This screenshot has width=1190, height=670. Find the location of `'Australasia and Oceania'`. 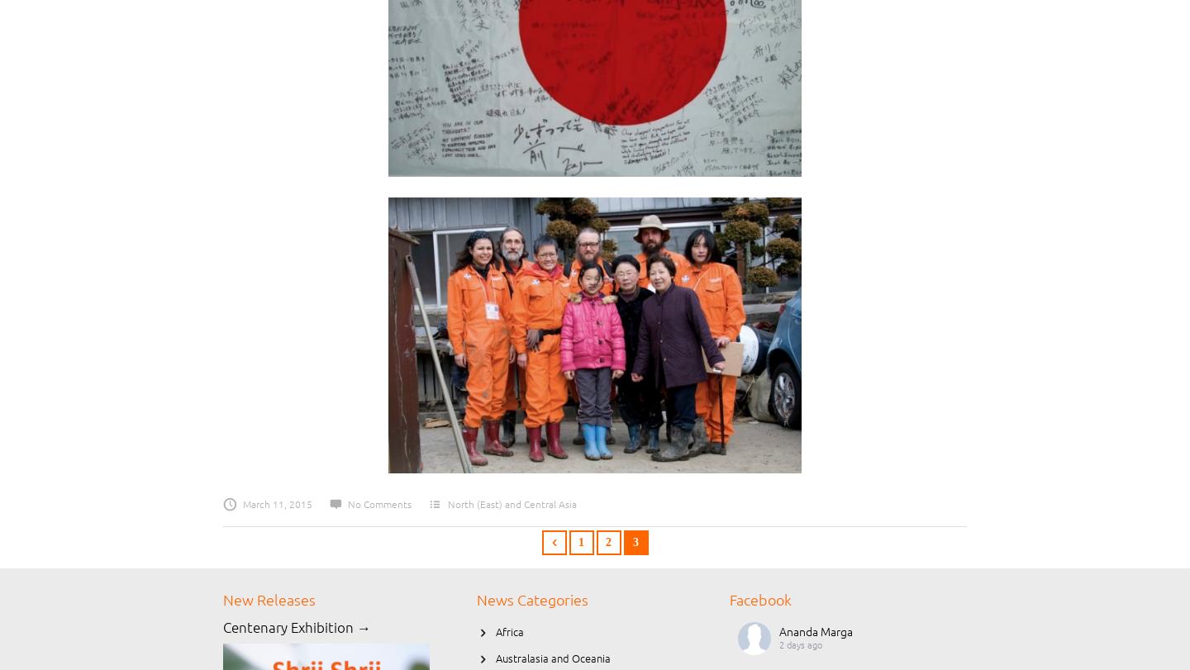

'Australasia and Oceania' is located at coordinates (553, 658).